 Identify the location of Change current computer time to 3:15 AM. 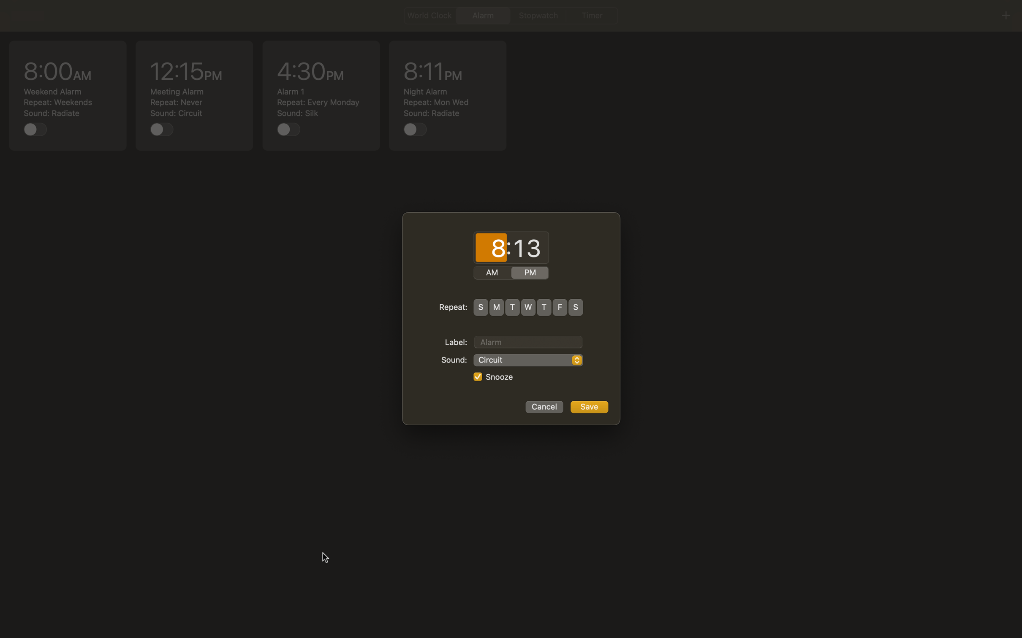
(491, 248).